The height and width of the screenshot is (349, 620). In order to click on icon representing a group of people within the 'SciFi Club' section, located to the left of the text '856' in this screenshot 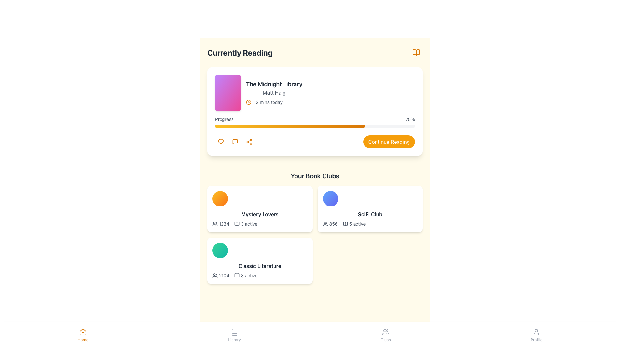, I will do `click(325, 224)`.